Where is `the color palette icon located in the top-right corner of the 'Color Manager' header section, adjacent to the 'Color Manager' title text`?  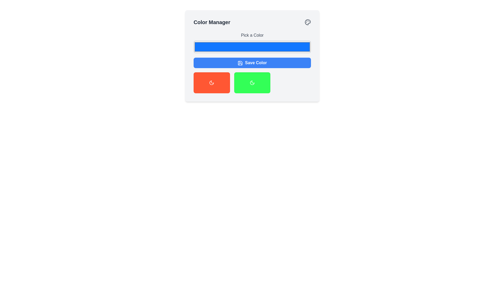 the color palette icon located in the top-right corner of the 'Color Manager' header section, adjacent to the 'Color Manager' title text is located at coordinates (308, 22).